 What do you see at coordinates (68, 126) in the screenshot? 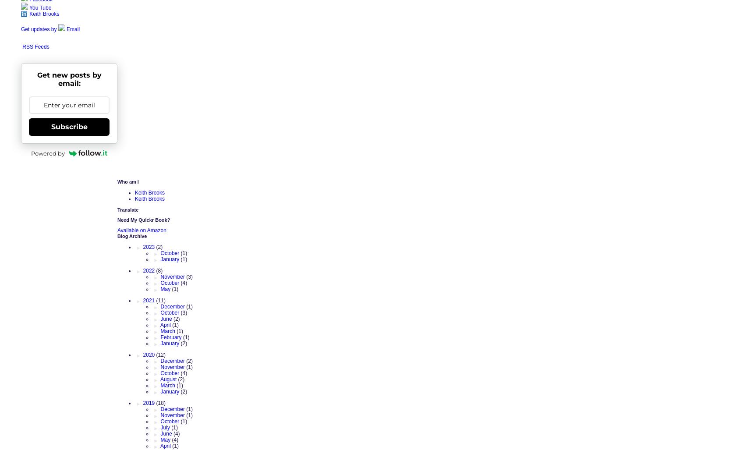
I see `'Subscribe'` at bounding box center [68, 126].